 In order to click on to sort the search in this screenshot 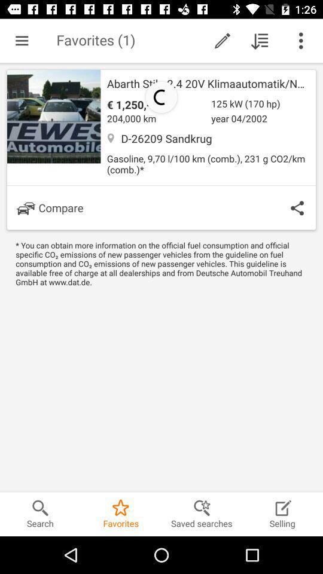, I will do `click(260, 41)`.